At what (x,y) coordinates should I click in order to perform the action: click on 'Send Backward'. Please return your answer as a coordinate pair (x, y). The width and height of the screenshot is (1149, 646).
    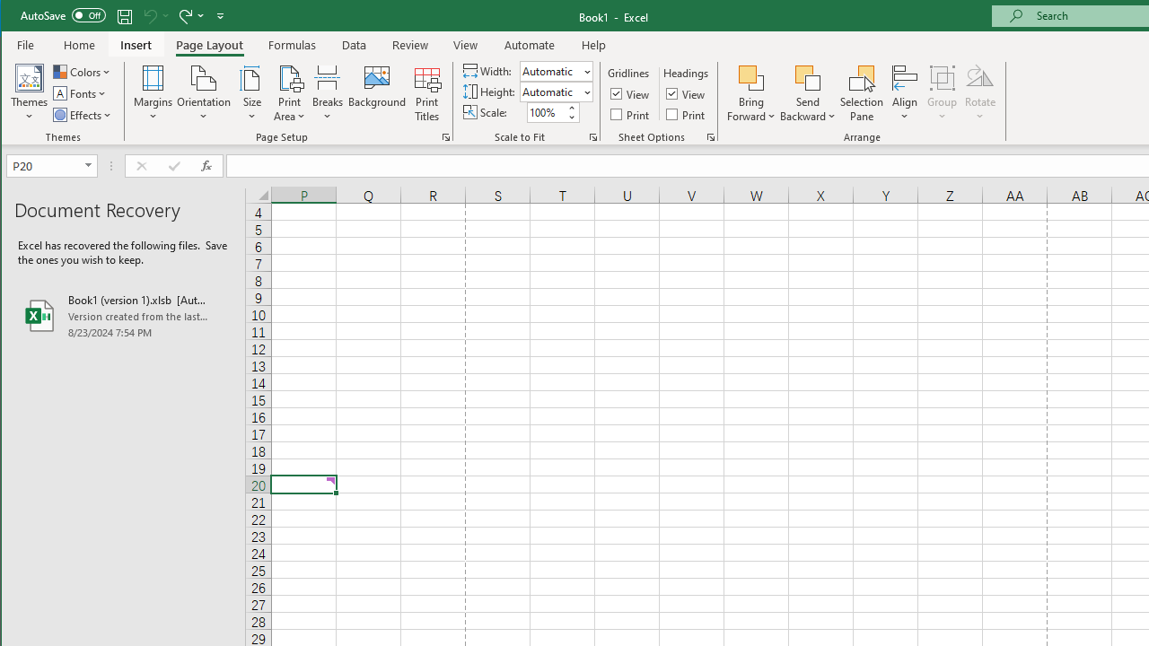
    Looking at the image, I should click on (807, 76).